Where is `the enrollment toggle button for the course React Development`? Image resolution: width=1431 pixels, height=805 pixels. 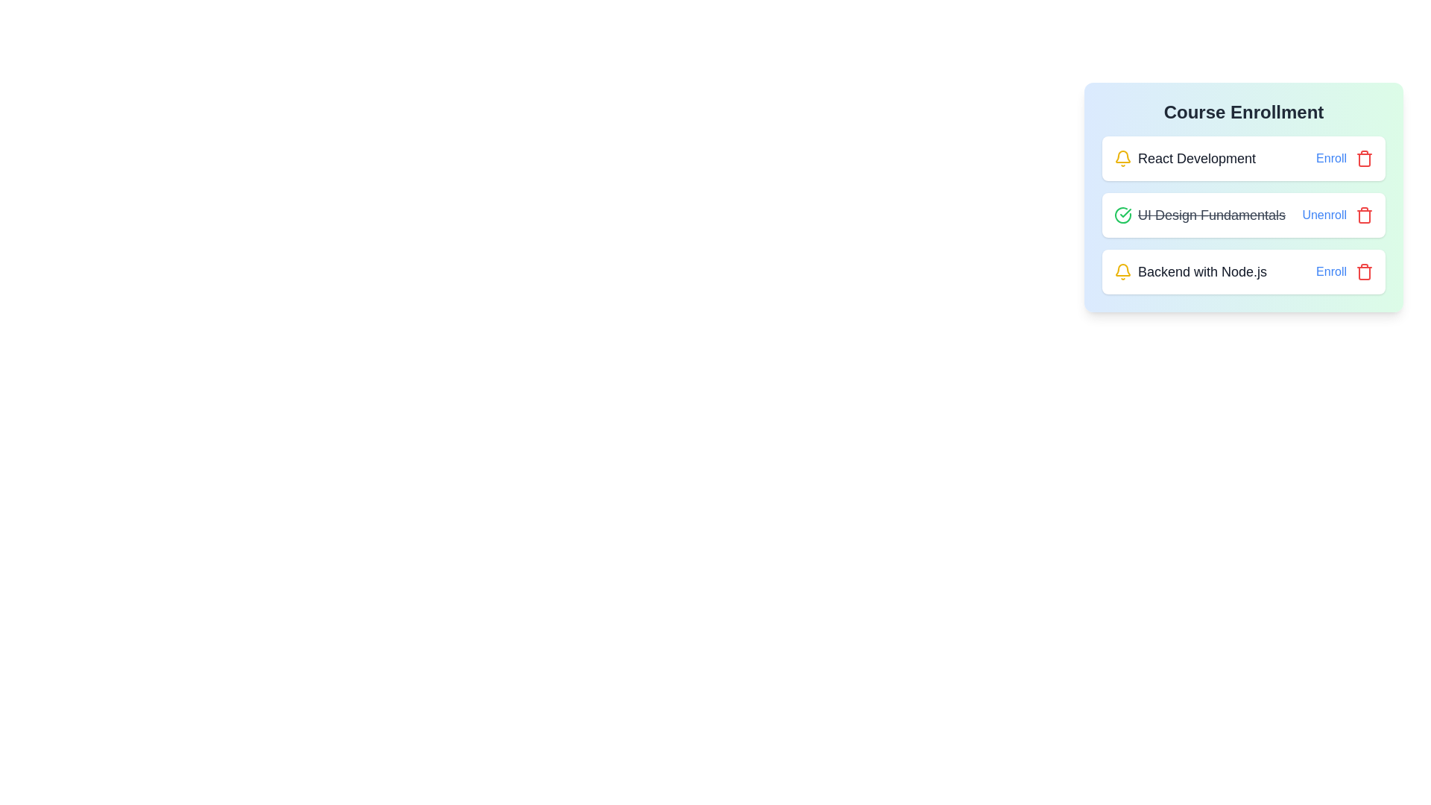
the enrollment toggle button for the course React Development is located at coordinates (1331, 158).